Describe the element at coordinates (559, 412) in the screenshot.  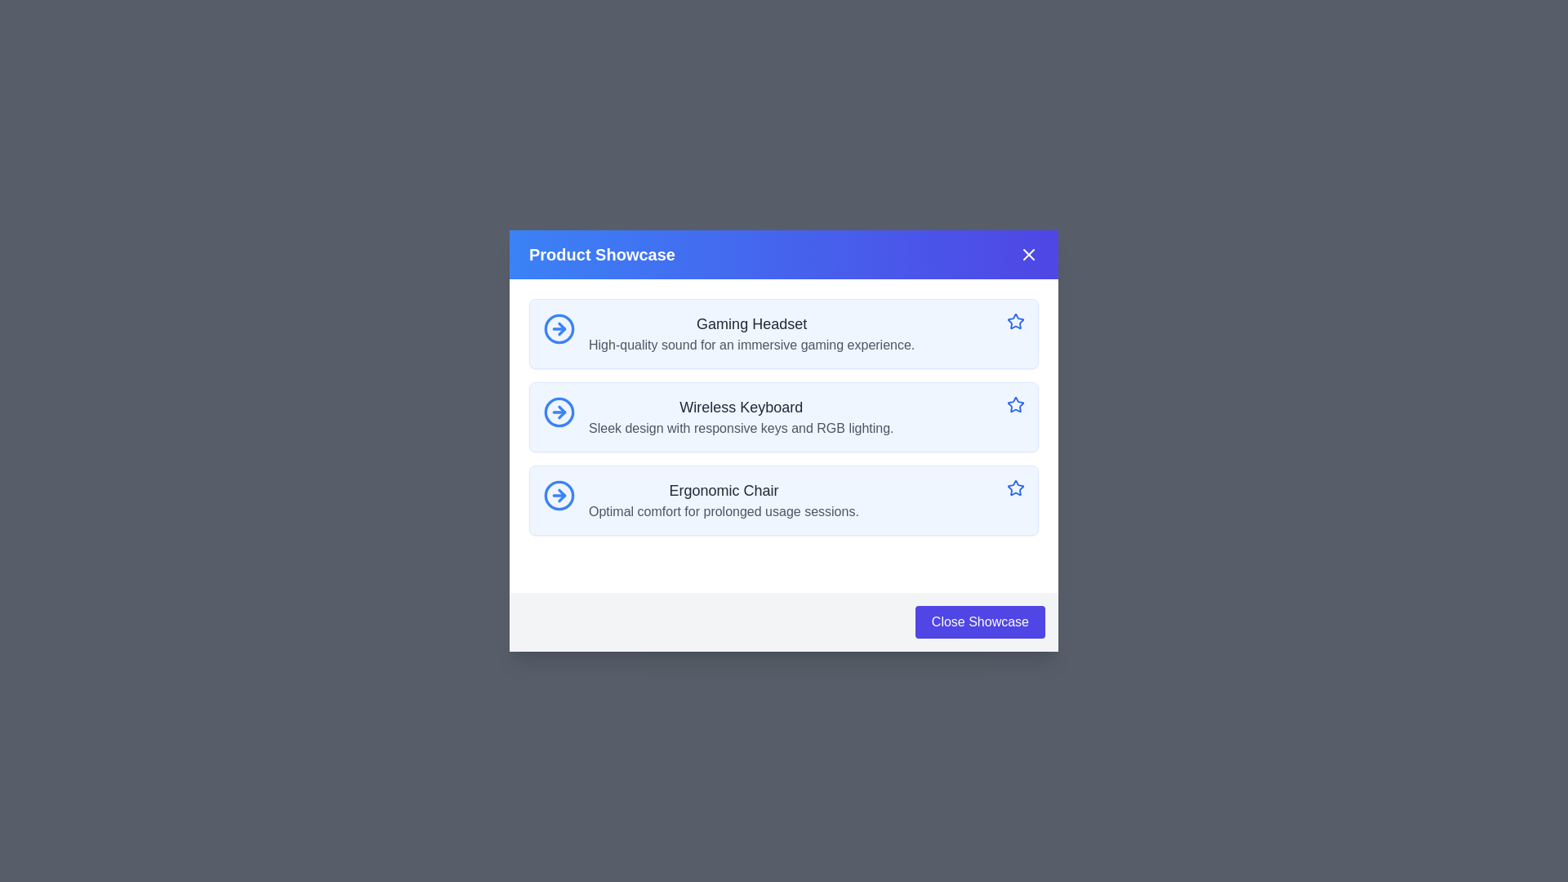
I see `the rightward arrow icon enclosed in a circular border, styled in blue, located beside the 'Wireless Keyboard' product title and description` at that location.